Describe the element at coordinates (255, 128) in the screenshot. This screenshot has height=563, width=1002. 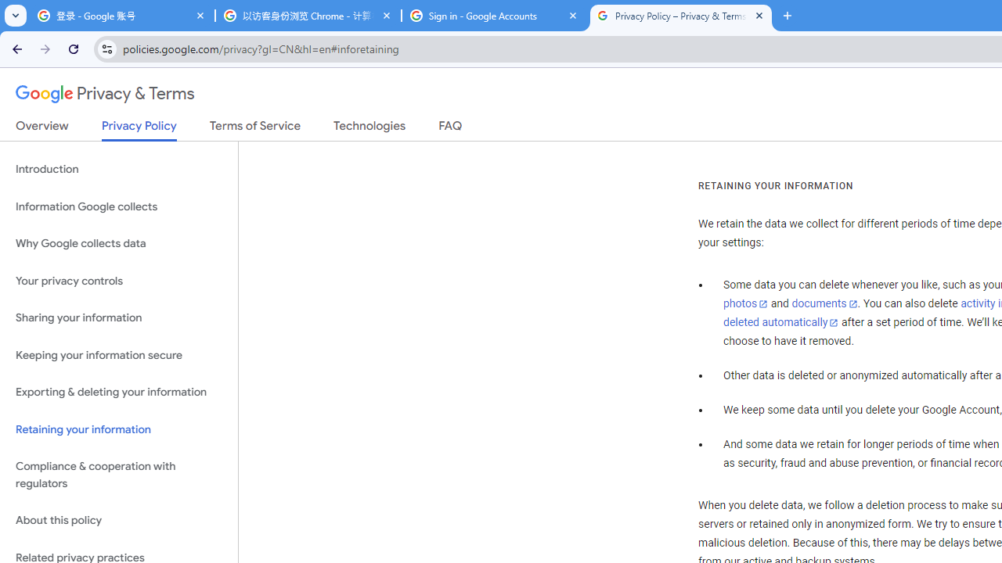
I see `'Terms of Service'` at that location.